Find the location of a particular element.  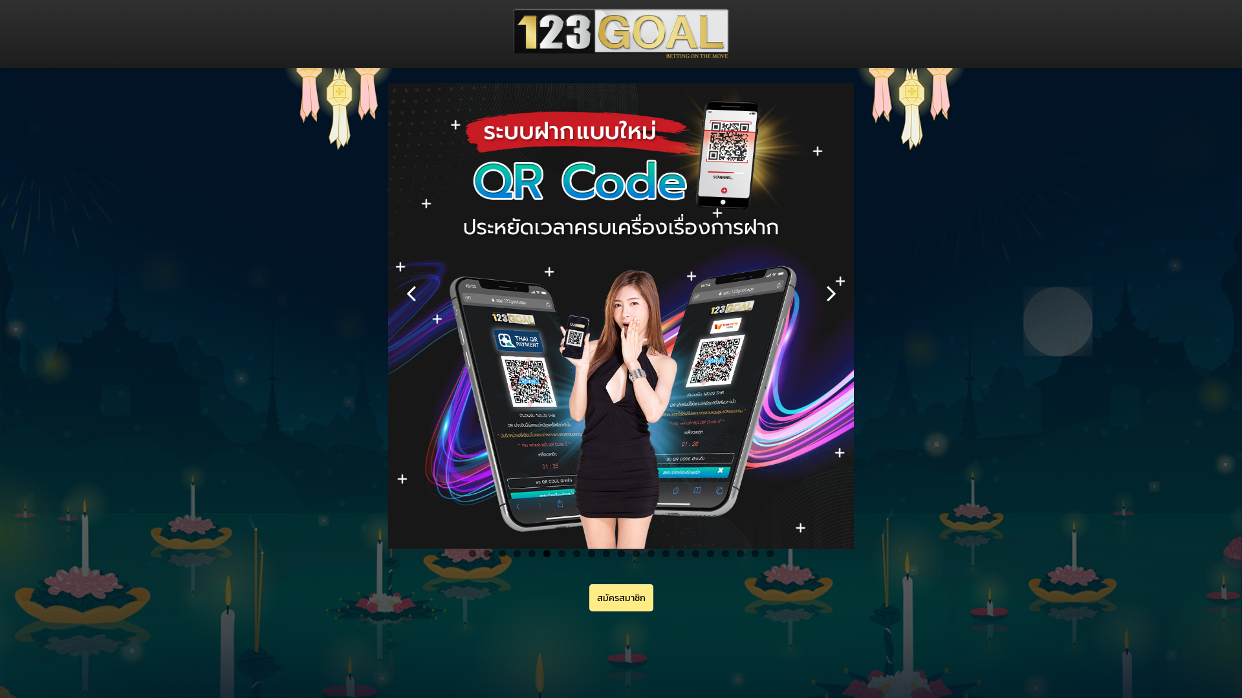

'20' is located at coordinates (751, 553).